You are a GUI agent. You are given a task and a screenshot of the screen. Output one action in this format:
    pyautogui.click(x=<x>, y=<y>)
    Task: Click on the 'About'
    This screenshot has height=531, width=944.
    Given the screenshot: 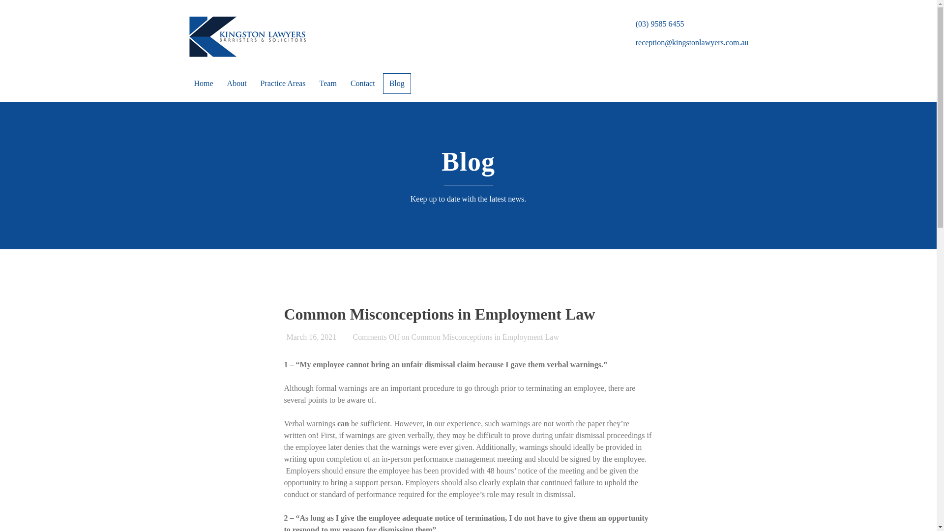 What is the action you would take?
    pyautogui.click(x=236, y=83)
    